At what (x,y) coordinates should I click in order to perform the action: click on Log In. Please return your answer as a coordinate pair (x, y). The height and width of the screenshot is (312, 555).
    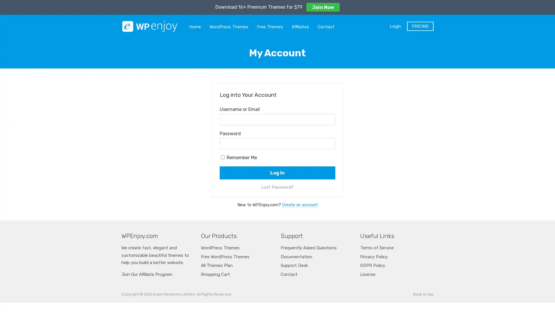
    Looking at the image, I should click on (277, 172).